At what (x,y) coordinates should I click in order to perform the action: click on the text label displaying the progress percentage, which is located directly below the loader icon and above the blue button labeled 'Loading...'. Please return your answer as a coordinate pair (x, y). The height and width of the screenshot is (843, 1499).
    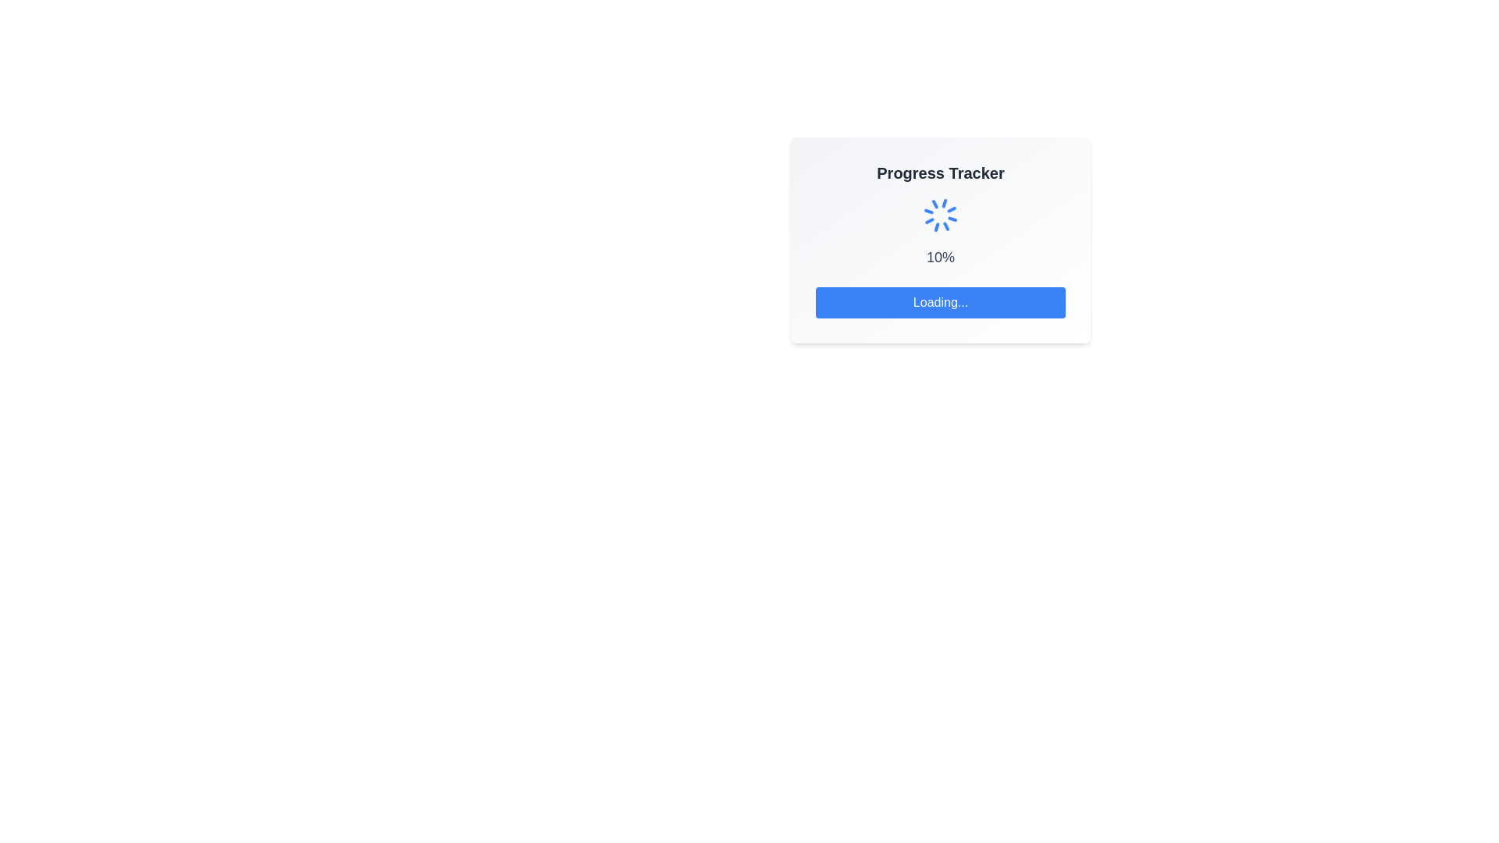
    Looking at the image, I should click on (939, 257).